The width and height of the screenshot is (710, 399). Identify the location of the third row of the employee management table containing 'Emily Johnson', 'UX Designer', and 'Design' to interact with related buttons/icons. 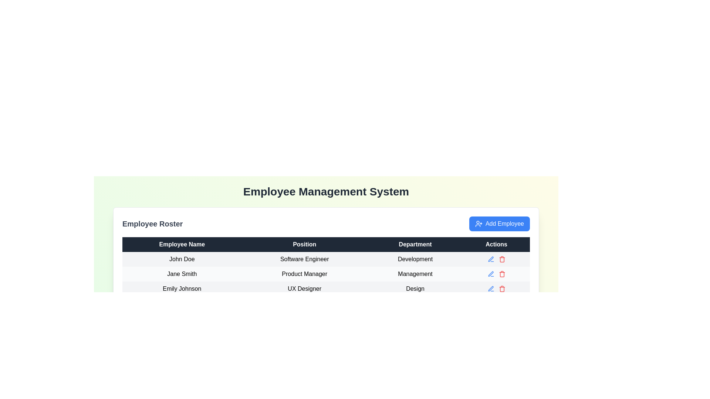
(326, 289).